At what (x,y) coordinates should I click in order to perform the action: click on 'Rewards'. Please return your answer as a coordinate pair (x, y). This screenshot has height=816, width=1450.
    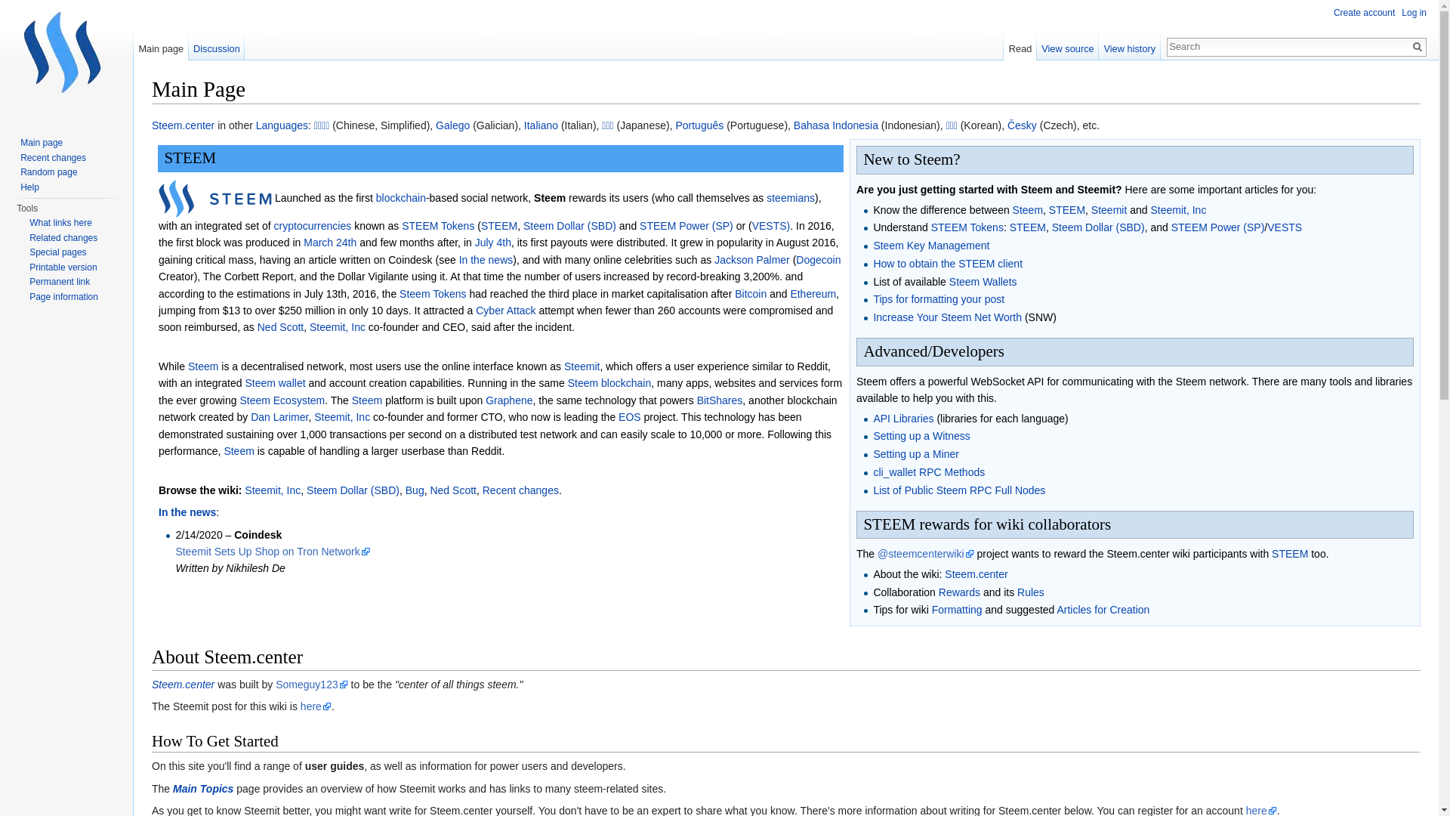
    Looking at the image, I should click on (958, 591).